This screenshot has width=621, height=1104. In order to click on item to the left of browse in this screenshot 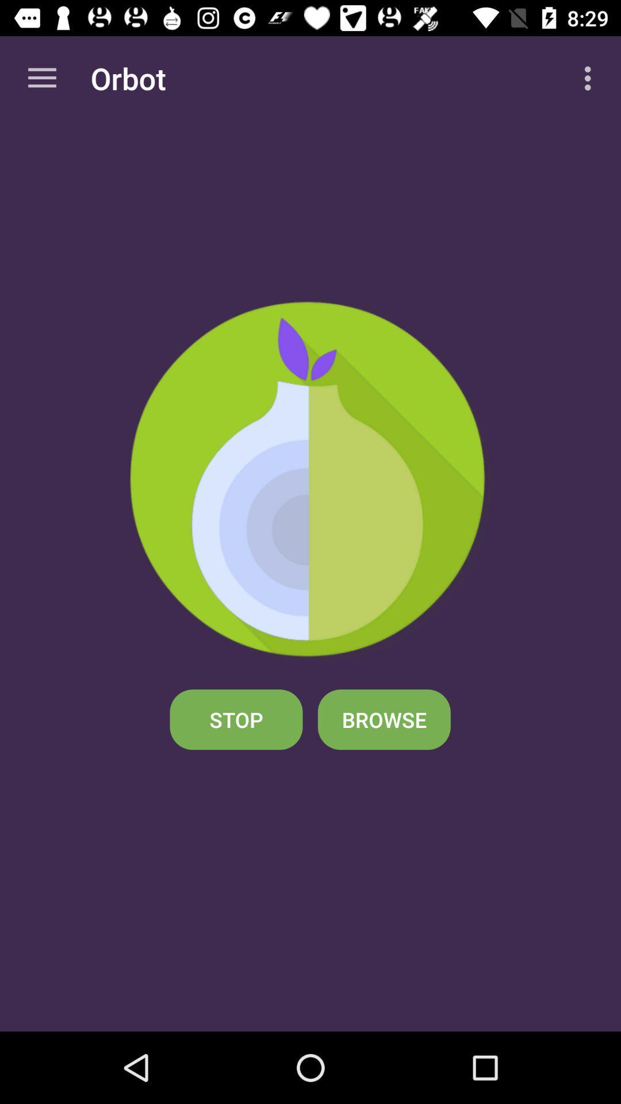, I will do `click(236, 719)`.